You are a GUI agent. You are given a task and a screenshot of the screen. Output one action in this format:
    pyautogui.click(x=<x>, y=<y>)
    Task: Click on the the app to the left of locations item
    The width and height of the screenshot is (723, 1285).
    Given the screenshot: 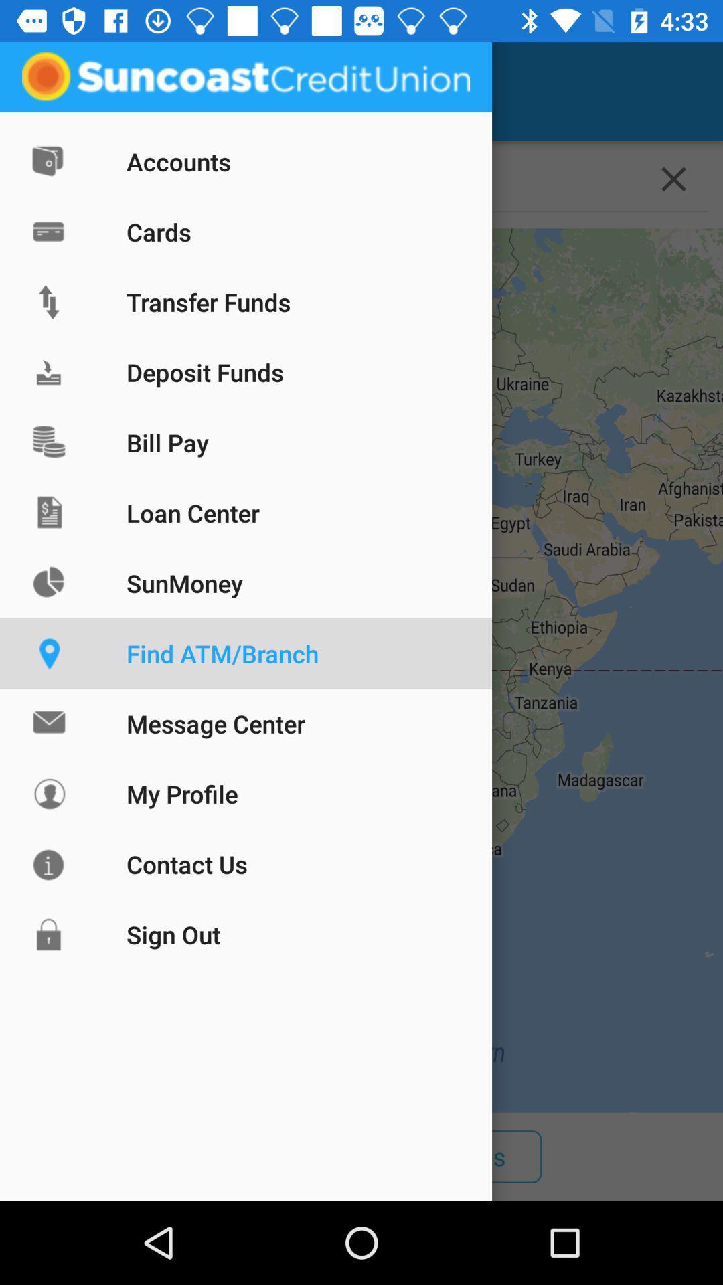 What is the action you would take?
    pyautogui.click(x=48, y=90)
    